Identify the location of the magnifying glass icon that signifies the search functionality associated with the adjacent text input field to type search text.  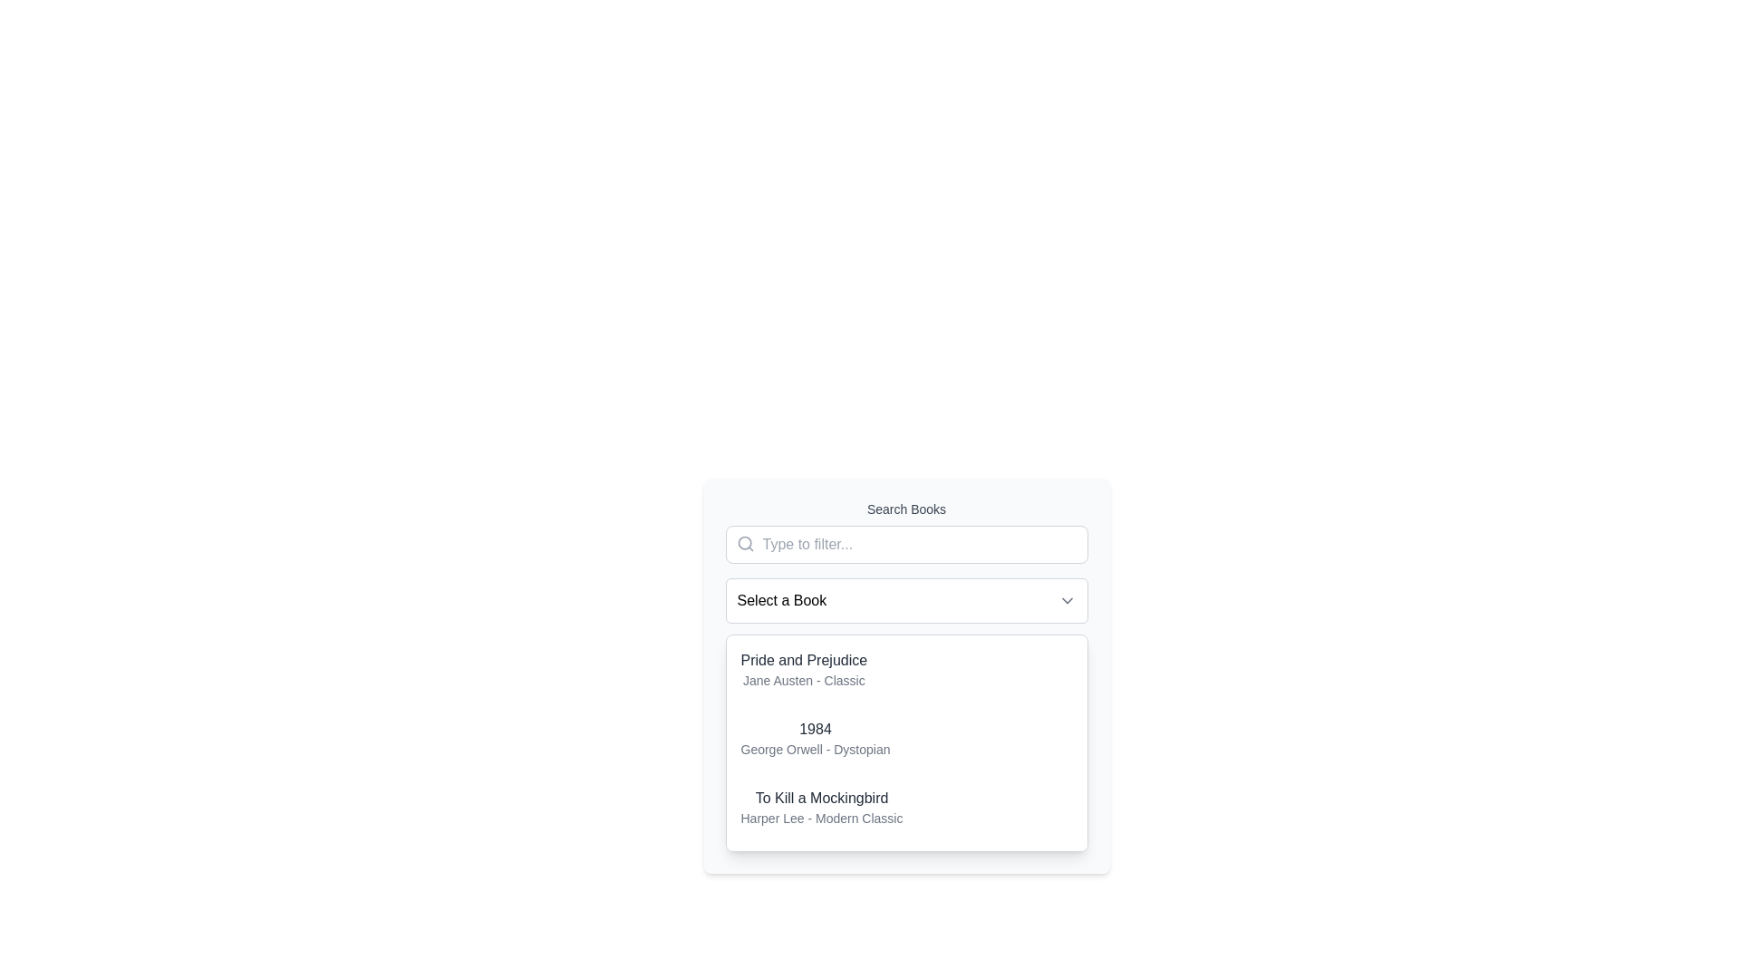
(745, 543).